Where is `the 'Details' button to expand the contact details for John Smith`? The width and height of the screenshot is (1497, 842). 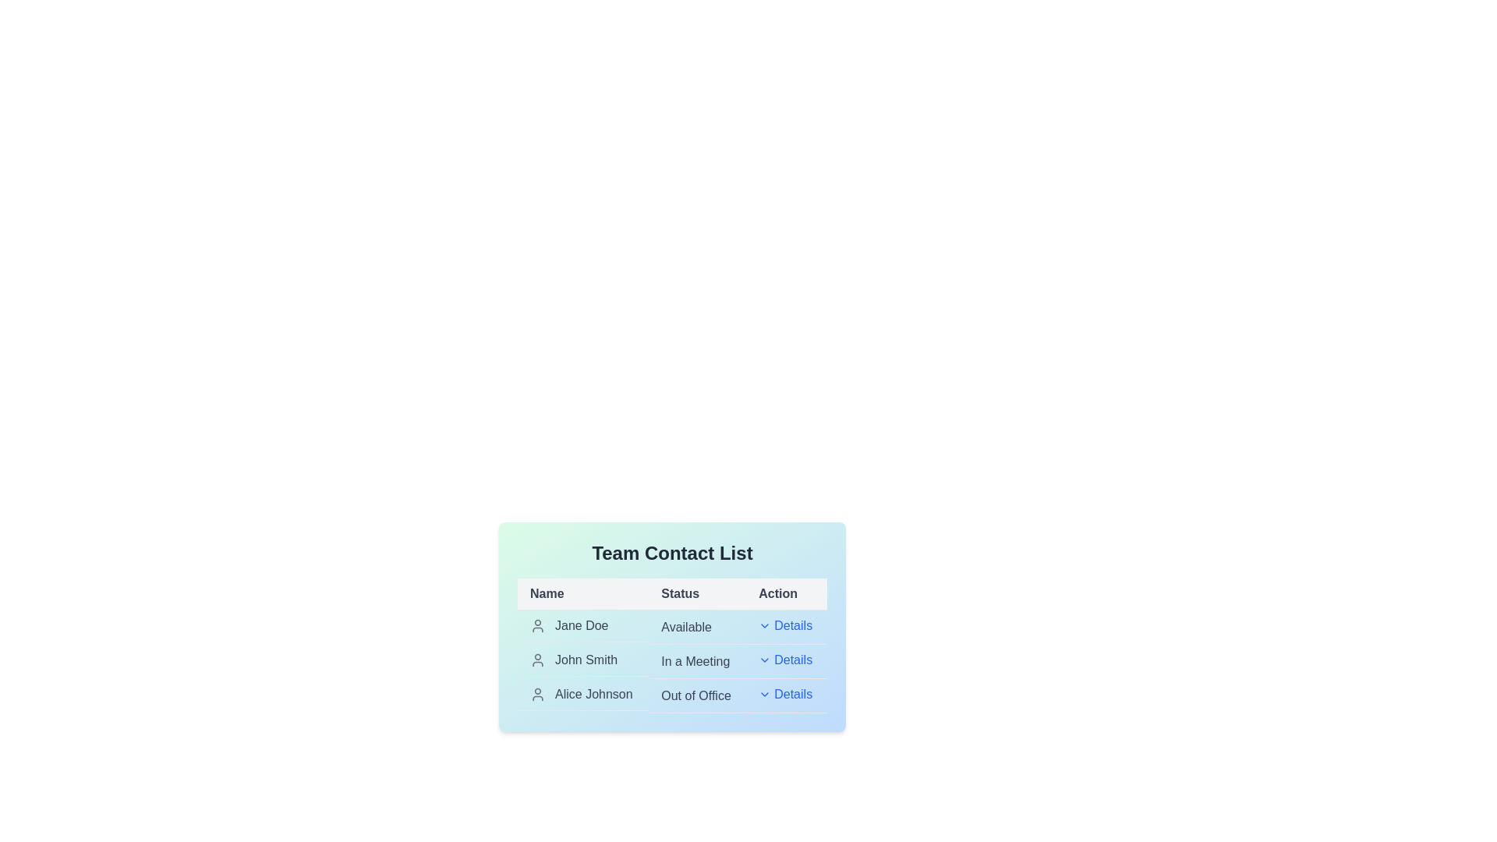
the 'Details' button to expand the contact details for John Smith is located at coordinates (785, 660).